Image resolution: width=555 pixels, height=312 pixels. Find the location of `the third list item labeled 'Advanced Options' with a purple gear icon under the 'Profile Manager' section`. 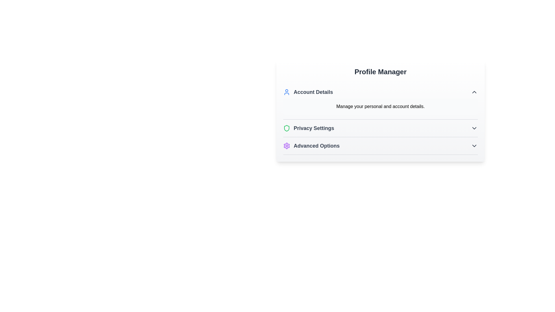

the third list item labeled 'Advanced Options' with a purple gear icon under the 'Profile Manager' section is located at coordinates (311, 146).